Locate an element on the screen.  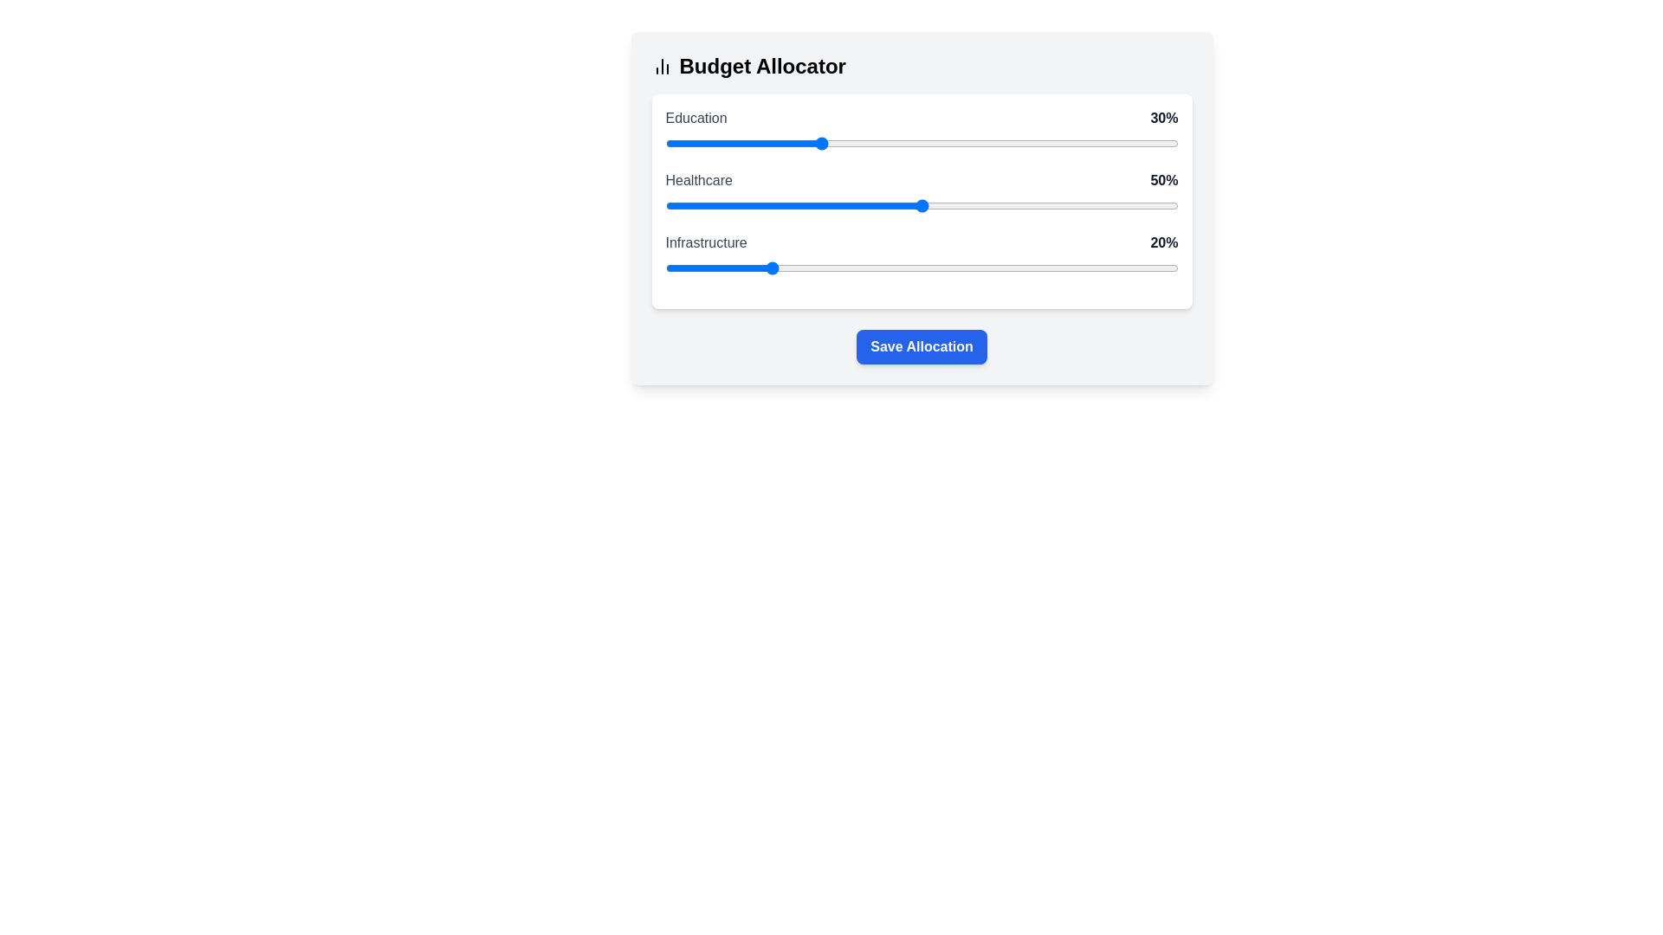
the label indicating the 'Infrastructure' category, which is positioned below the 'Healthcare' element and above the slider marked with 20% is located at coordinates (921, 243).